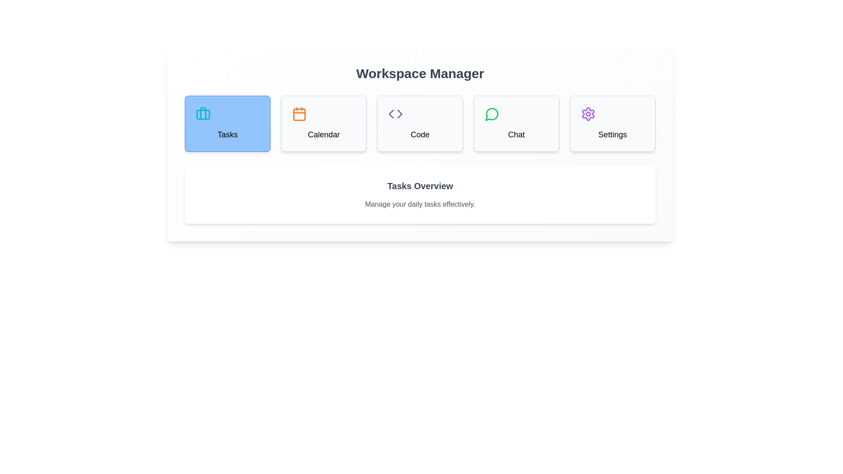  Describe the element at coordinates (395, 113) in the screenshot. I see `the 'Code' icon located inside the 'Code' button, which is the third button in a row of five options below the 'Workspace Manager' title` at that location.